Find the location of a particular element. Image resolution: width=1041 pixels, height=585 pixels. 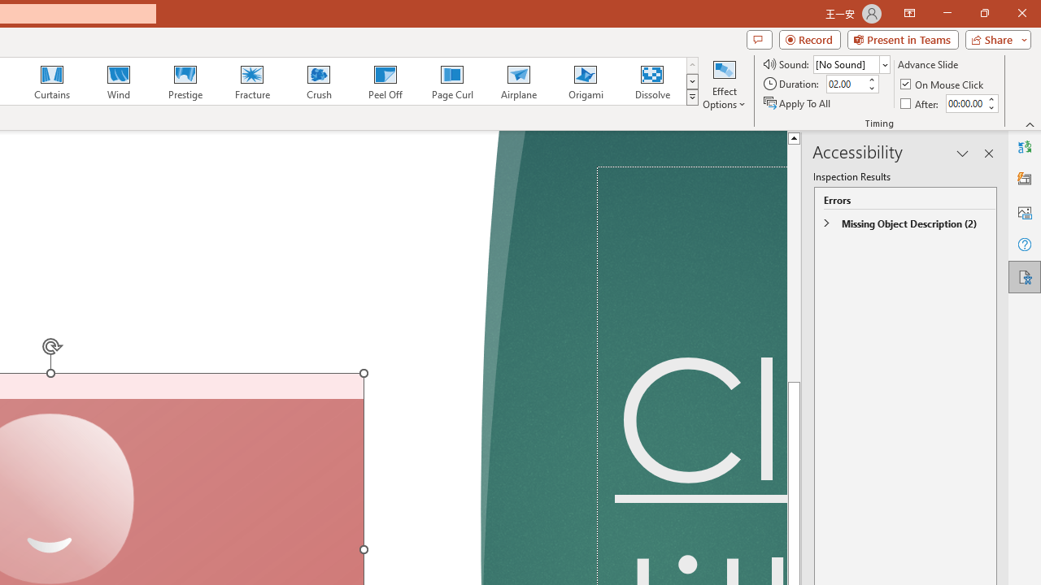

'Sound' is located at coordinates (851, 63).